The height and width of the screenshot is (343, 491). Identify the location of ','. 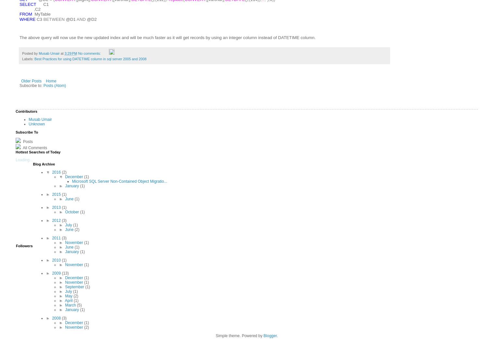
(34, 9).